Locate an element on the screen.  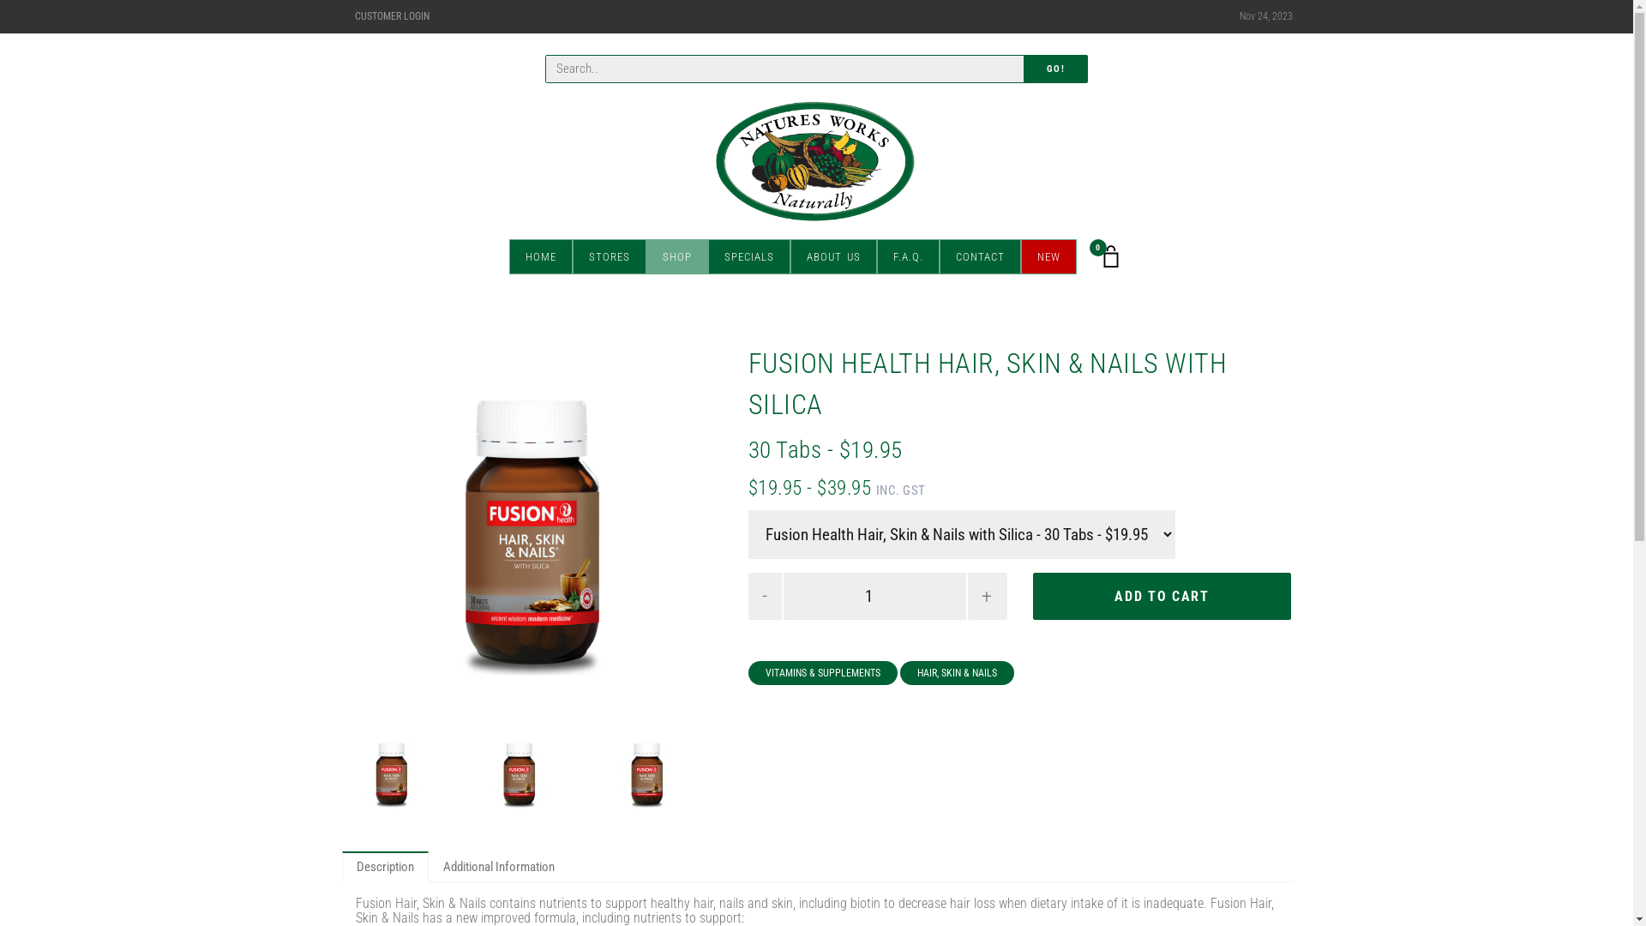
'HOME' is located at coordinates (539, 256).